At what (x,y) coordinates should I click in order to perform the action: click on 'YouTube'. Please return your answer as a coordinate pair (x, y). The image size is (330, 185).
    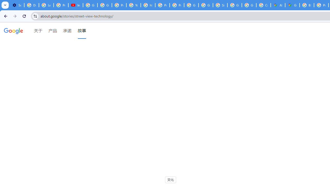
    Looking at the image, I should click on (134, 5).